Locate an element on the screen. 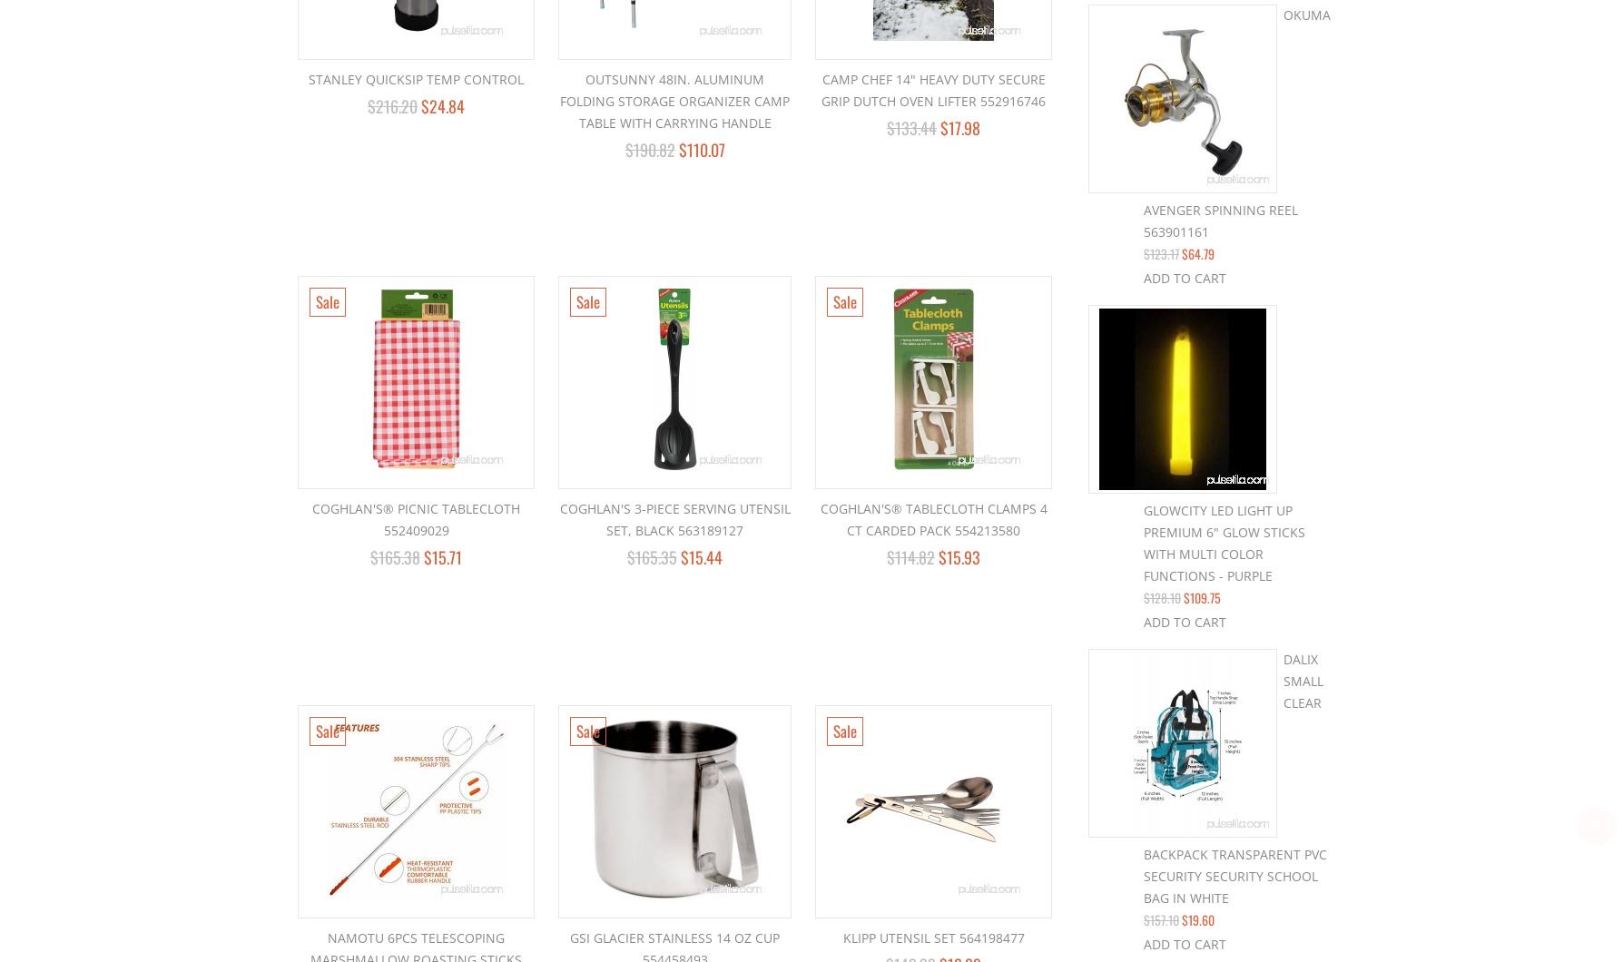 The height and width of the screenshot is (962, 1623). 'Okuma Avenger Spinning Reel   563901161' is located at coordinates (1236, 122).